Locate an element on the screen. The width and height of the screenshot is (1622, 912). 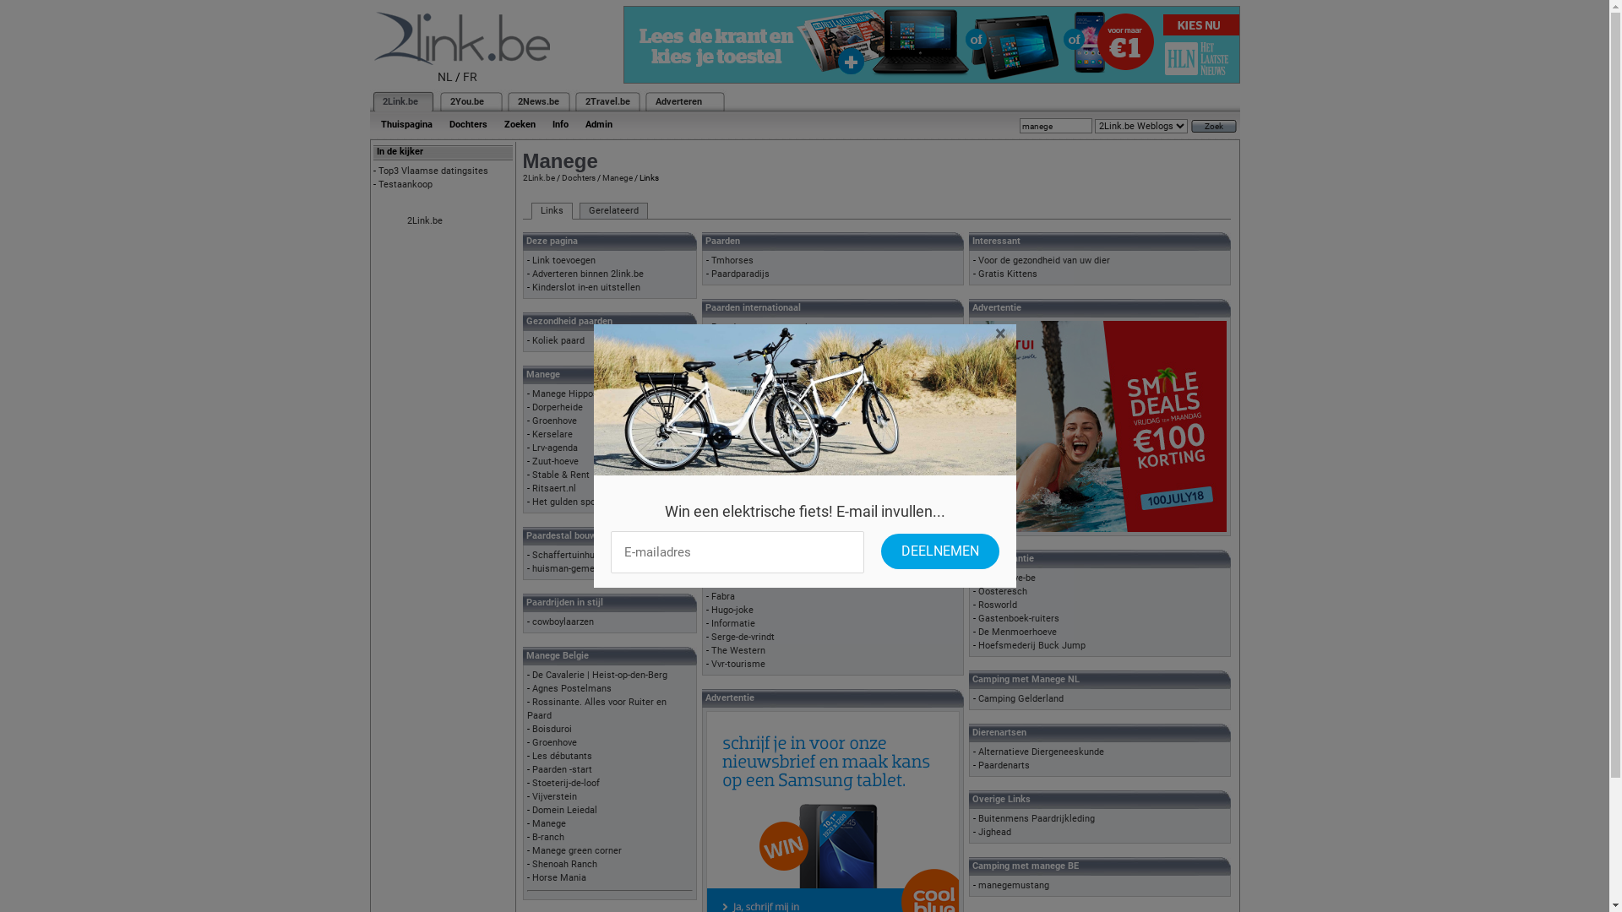
'De Menmoerhoeve' is located at coordinates (1016, 632).